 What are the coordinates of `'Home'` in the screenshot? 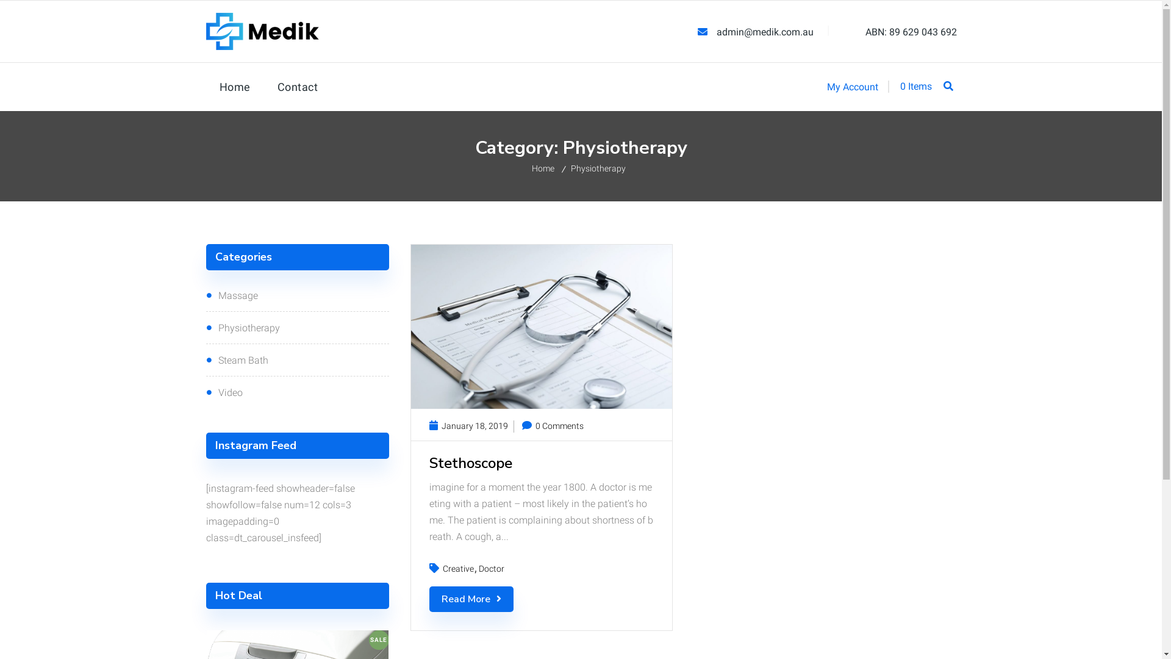 It's located at (532, 168).